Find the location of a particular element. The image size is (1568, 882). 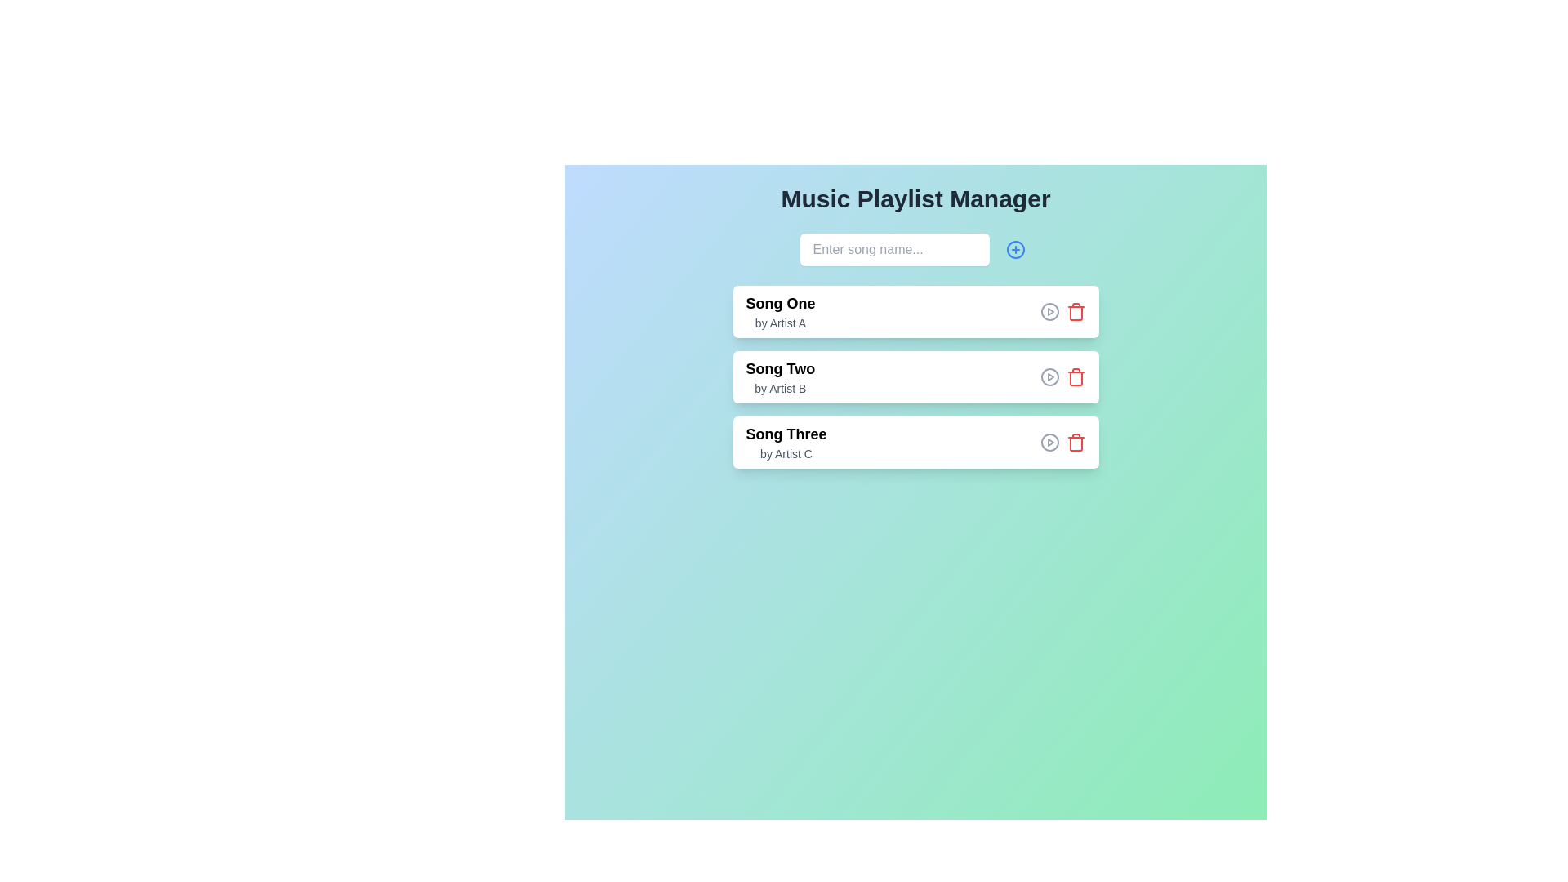

an individual song item in the vertical playlist section below the 'Music Playlist Manager' title is located at coordinates (915, 377).